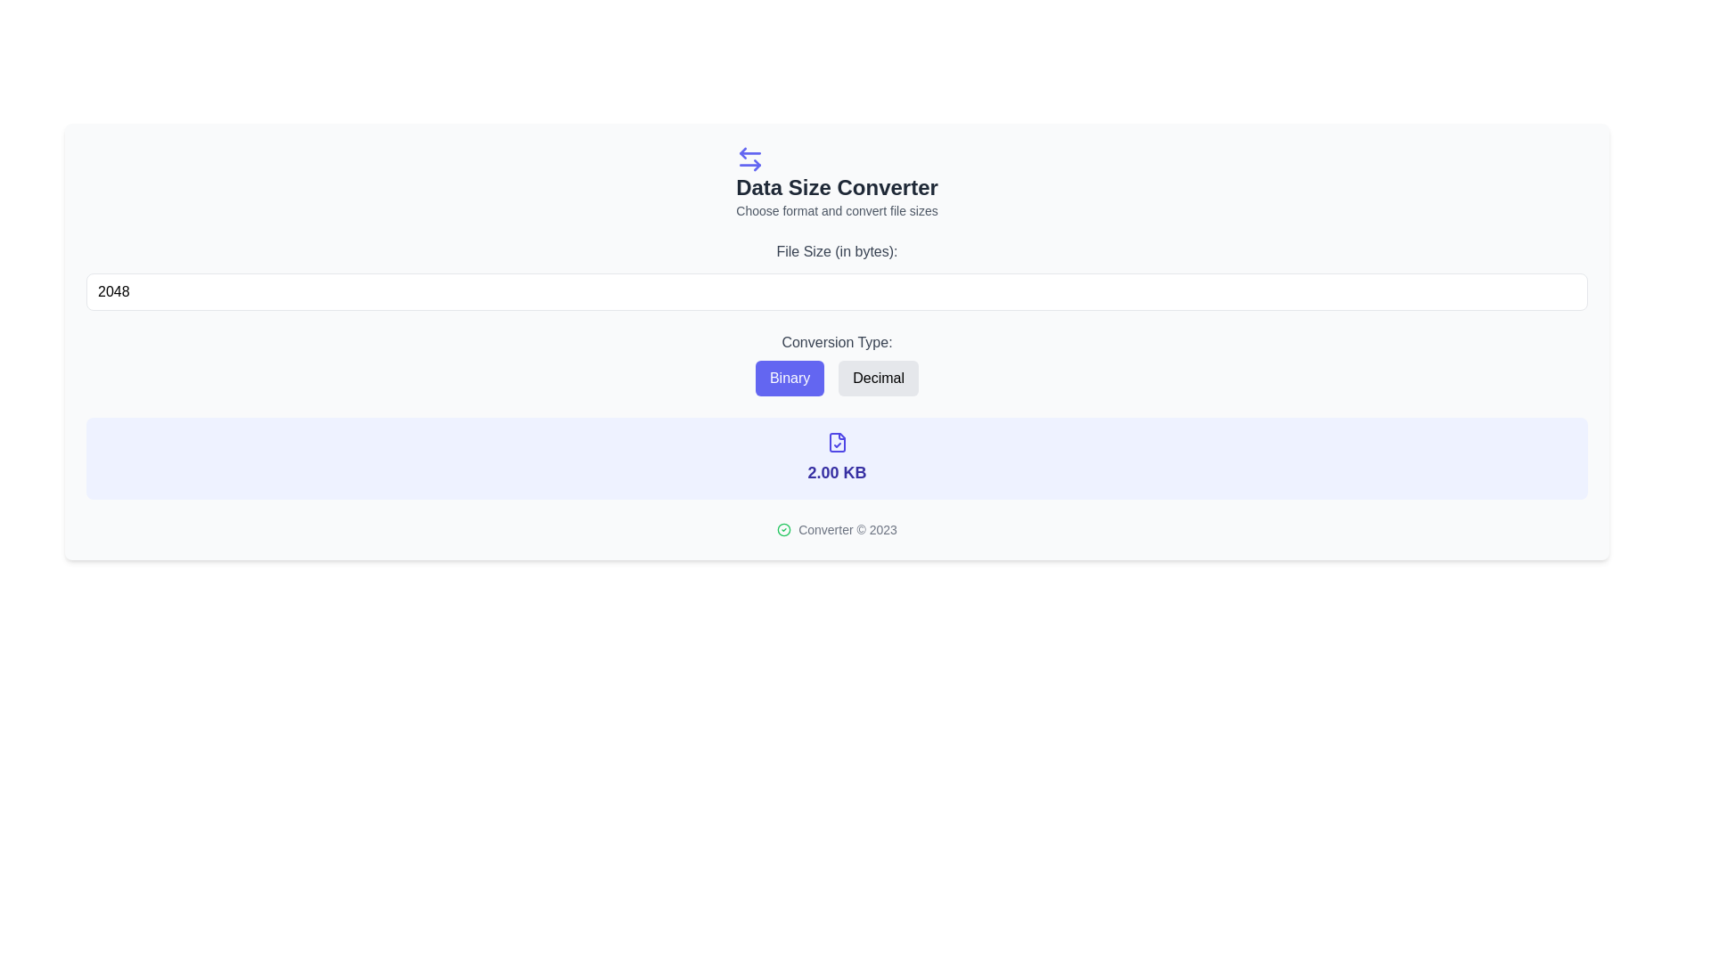 Image resolution: width=1711 pixels, height=962 pixels. What do you see at coordinates (784, 528) in the screenshot?
I see `the circular SVG element with a green border that resembles a checkmark, located on the right side of the interface near the text '2.00 KB'` at bounding box center [784, 528].